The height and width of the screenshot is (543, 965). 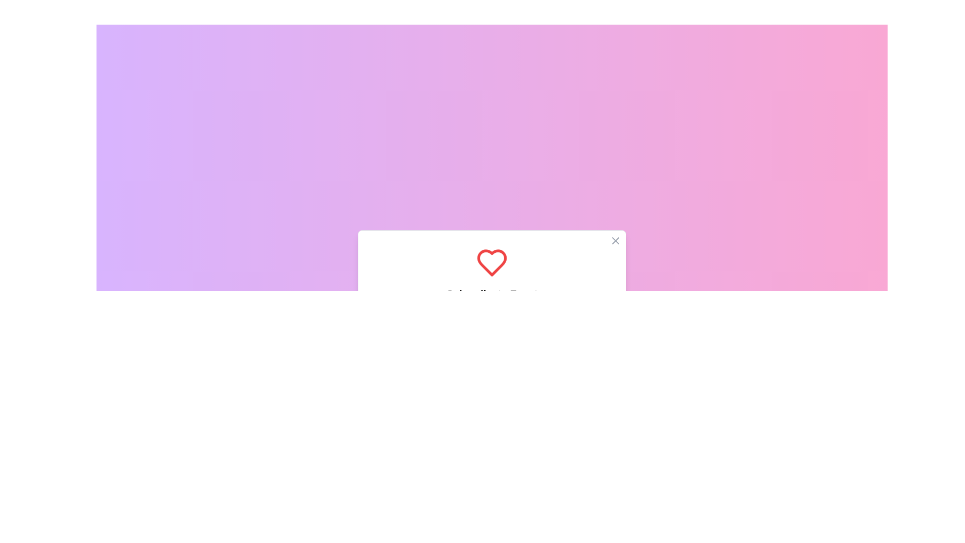 What do you see at coordinates (615, 240) in the screenshot?
I see `the close button represented by a diagonal cross ('X') icon located at the top right corner of the white card` at bounding box center [615, 240].